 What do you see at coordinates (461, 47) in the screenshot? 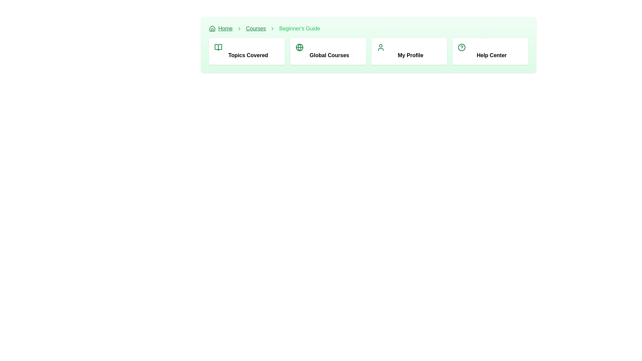
I see `the green circular SVG graphic element that represents a help or information marker, located in the top-right header of the interface as part of the Help Center button` at bounding box center [461, 47].